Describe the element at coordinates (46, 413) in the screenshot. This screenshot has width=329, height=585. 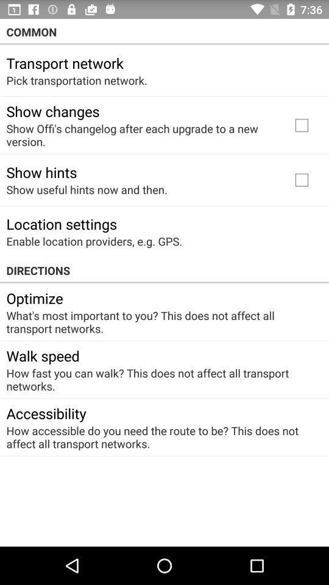
I see `the accessibility` at that location.